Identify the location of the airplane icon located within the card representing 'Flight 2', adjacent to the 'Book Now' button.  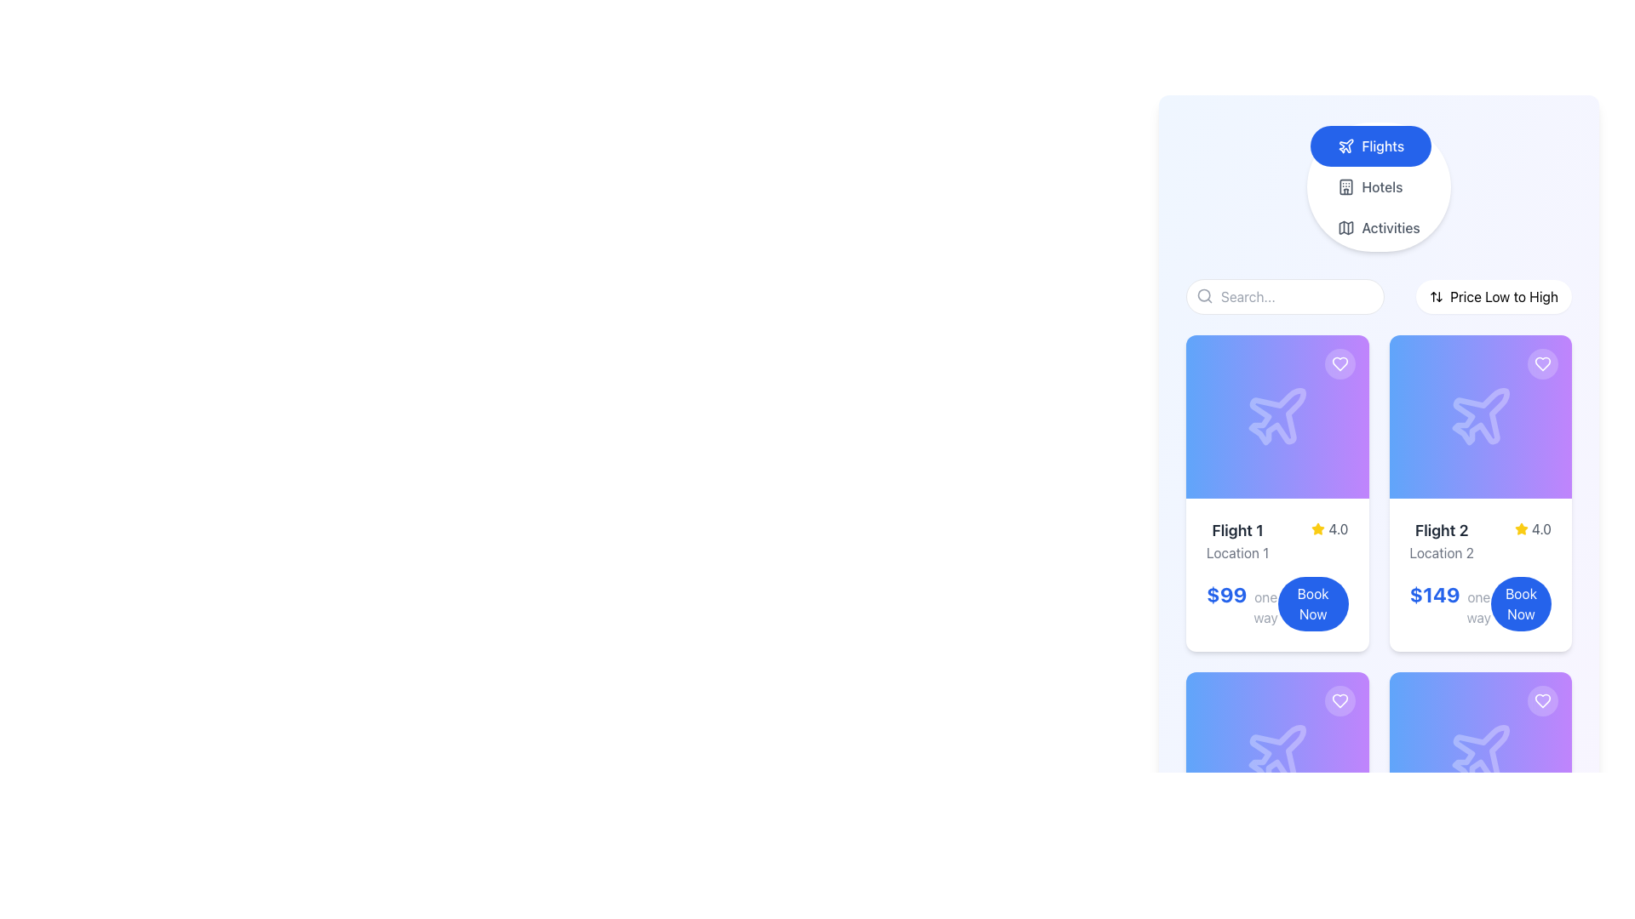
(1480, 416).